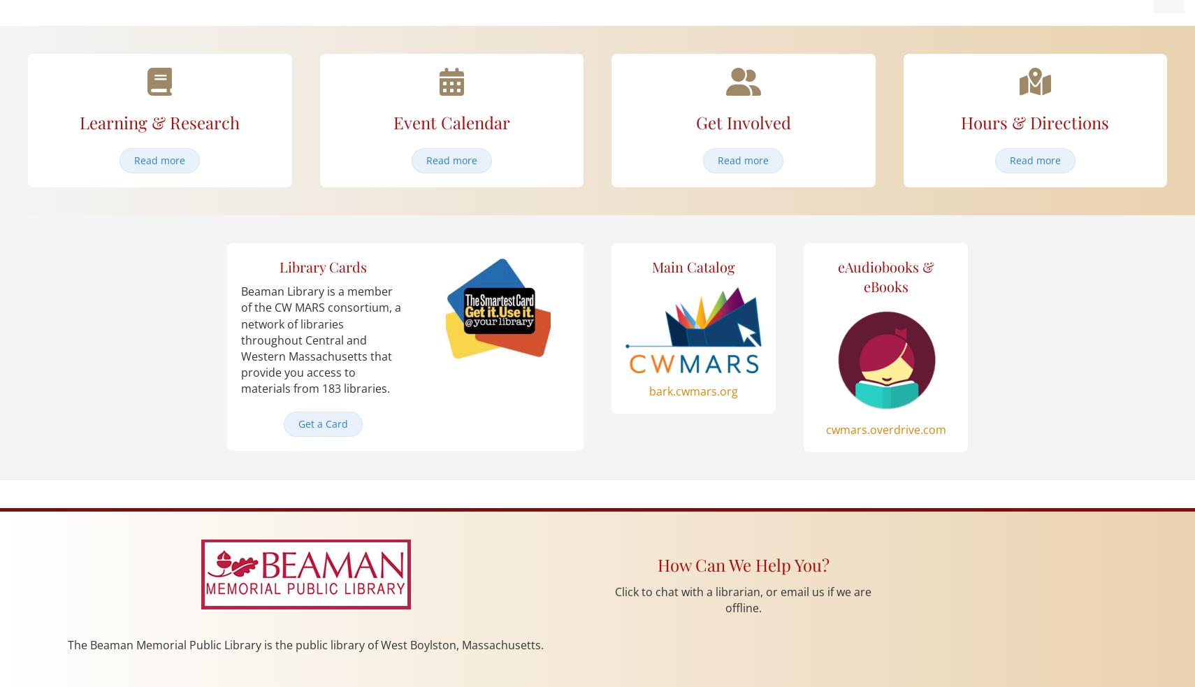  I want to click on 'Click to chat with a librarian, or email us if we are offline.', so click(742, 600).